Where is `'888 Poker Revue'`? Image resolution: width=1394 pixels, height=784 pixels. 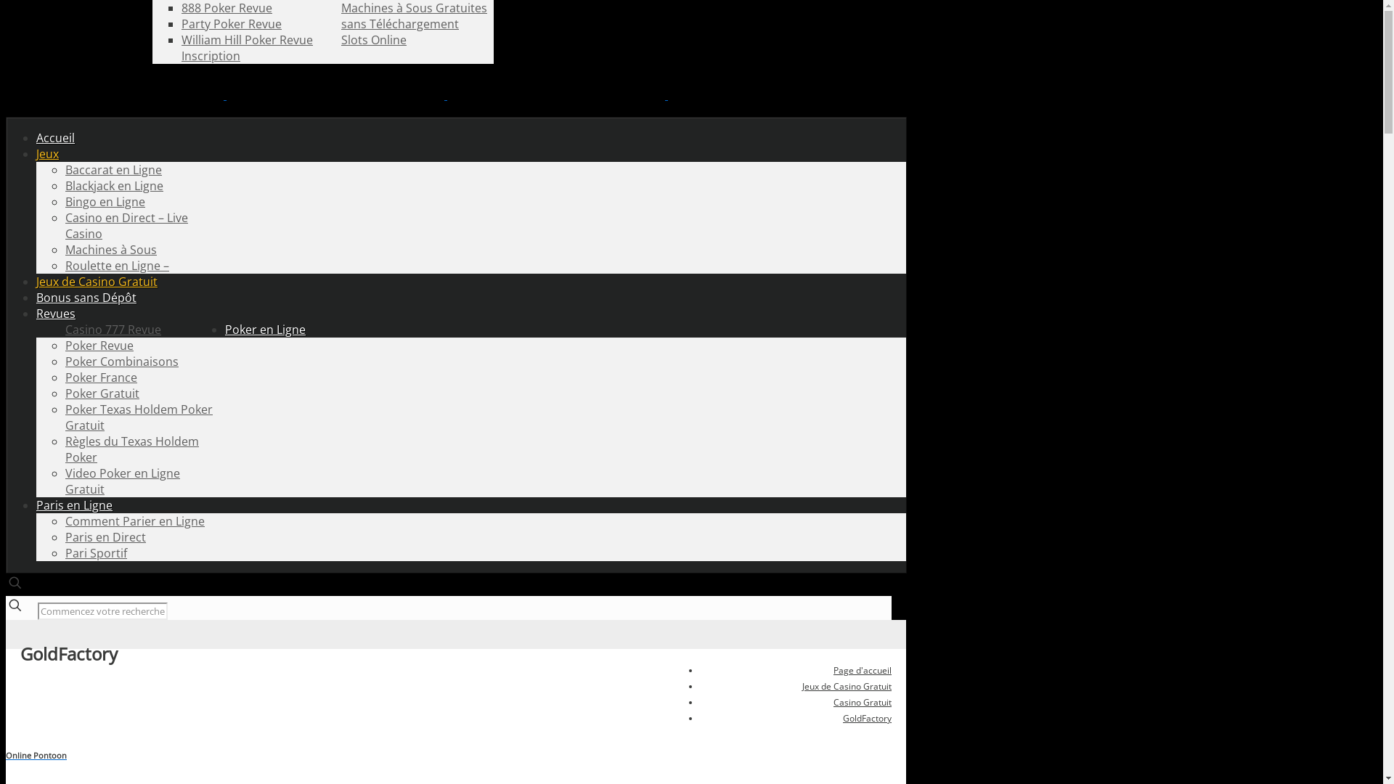
'888 Poker Revue' is located at coordinates (180, 8).